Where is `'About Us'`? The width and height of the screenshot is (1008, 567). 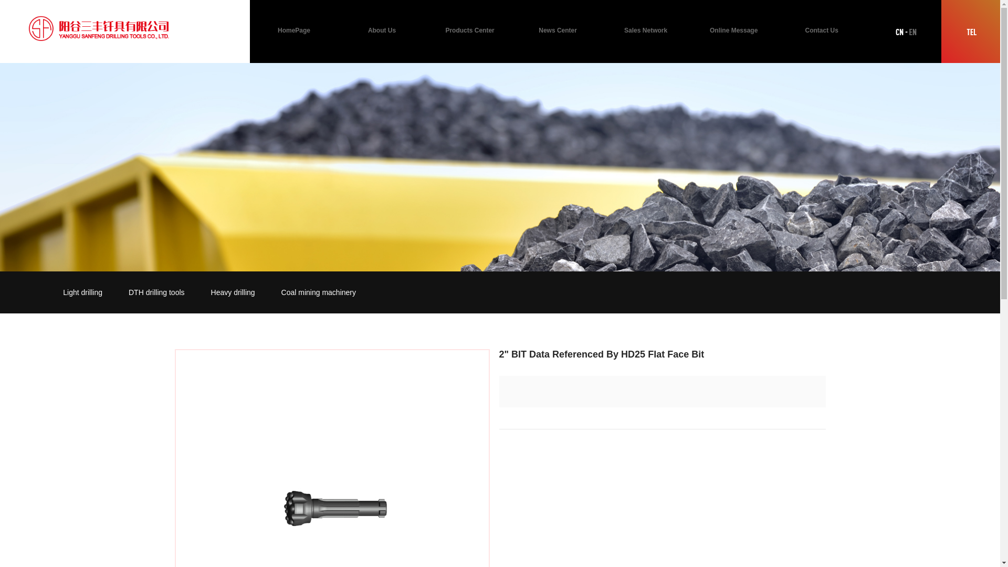
'About Us' is located at coordinates (382, 30).